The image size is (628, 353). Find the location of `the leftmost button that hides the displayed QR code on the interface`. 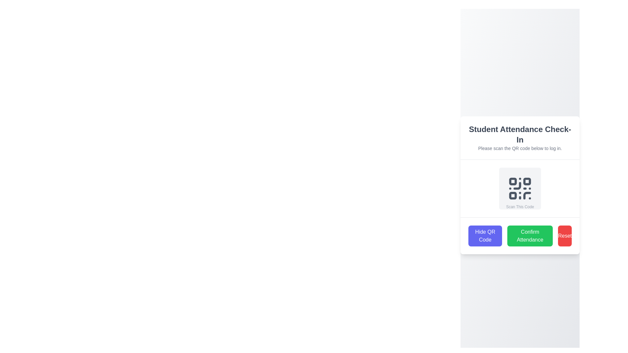

the leftmost button that hides the displayed QR code on the interface is located at coordinates (485, 236).